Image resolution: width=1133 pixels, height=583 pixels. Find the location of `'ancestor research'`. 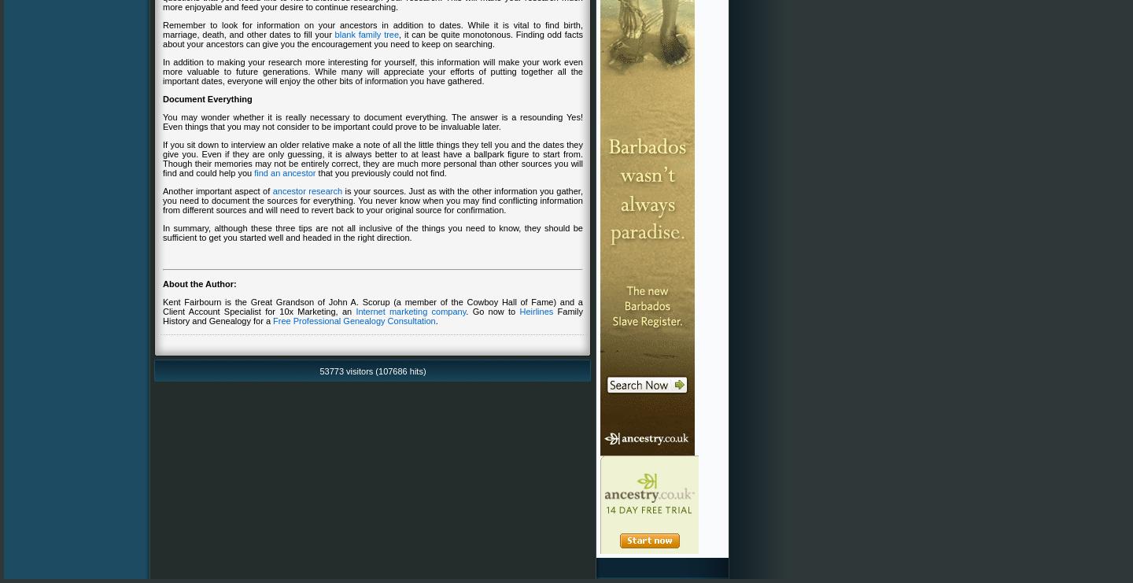

'ancestor research' is located at coordinates (272, 190).